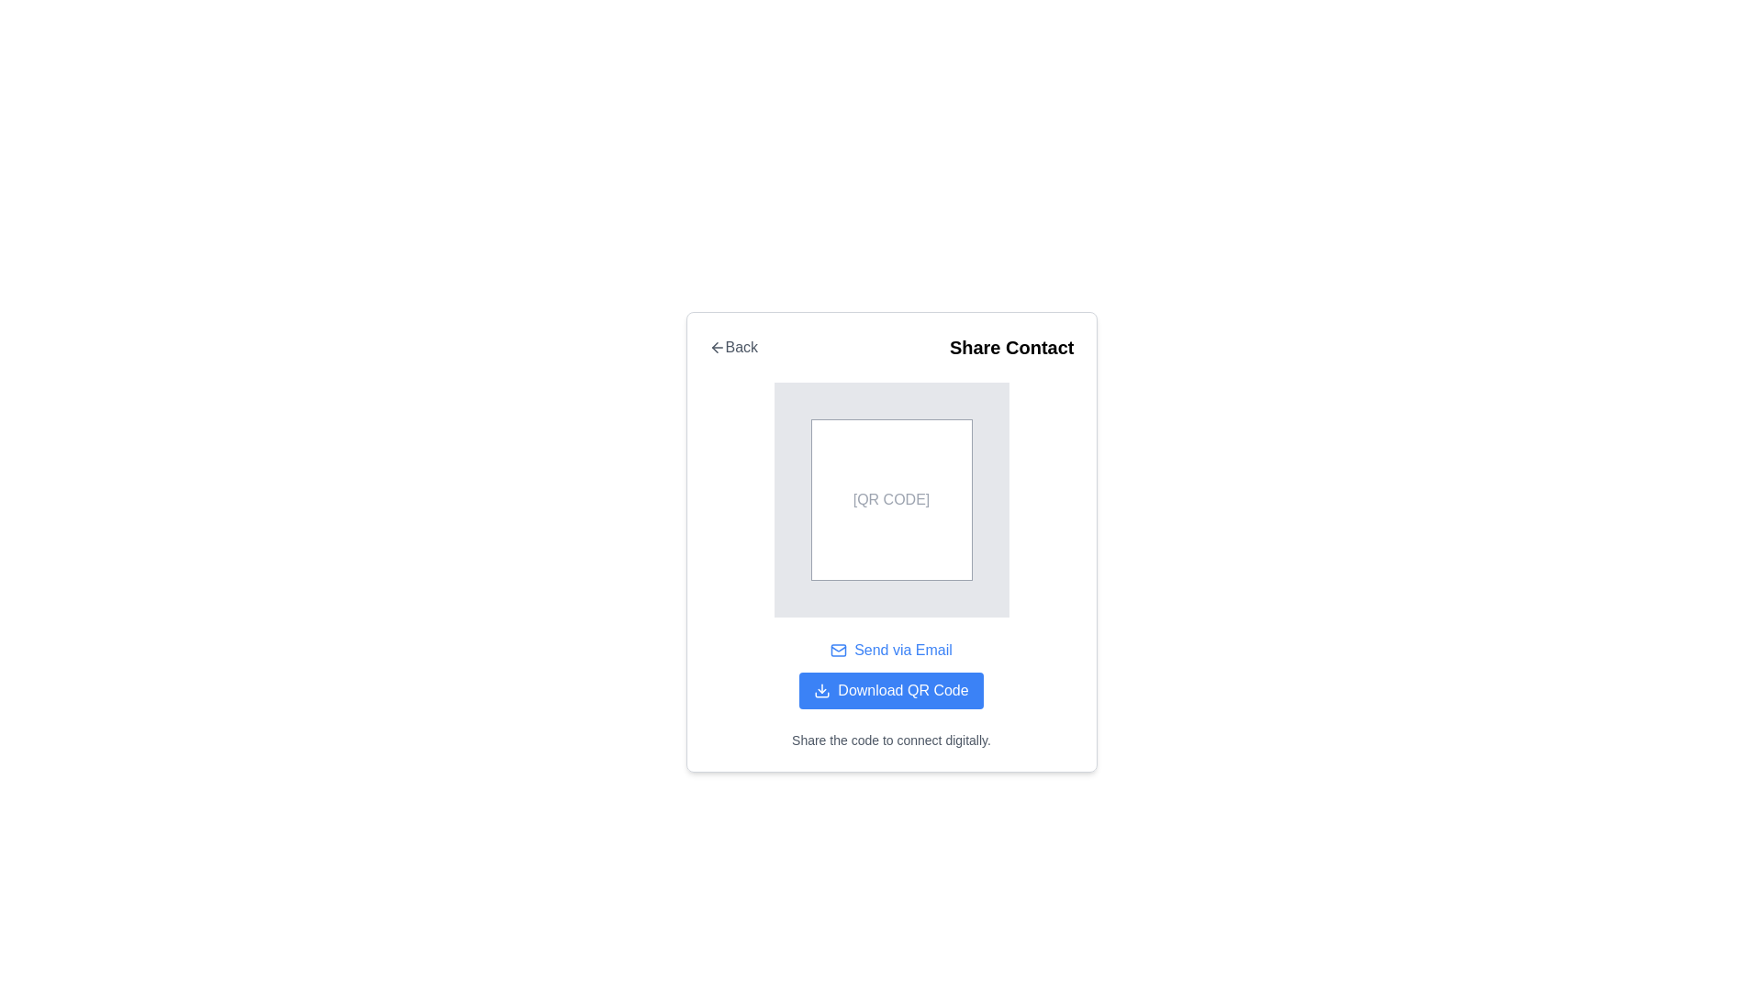  I want to click on the navigation button located to the left of the 'Share Contact' text, so click(732, 347).